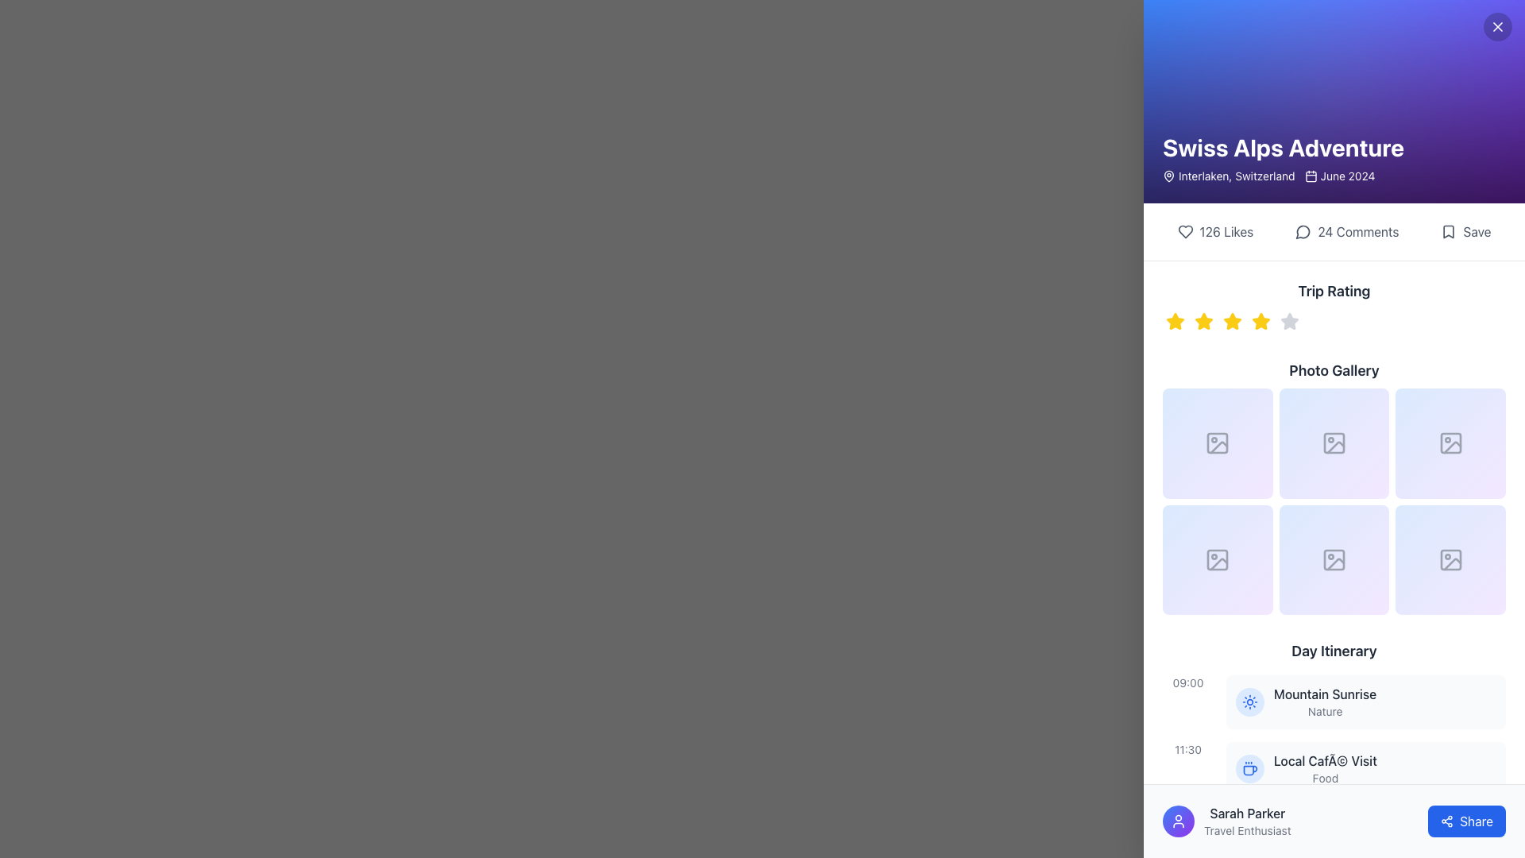 This screenshot has height=858, width=1525. I want to click on the descriptive label for the itinerary entry scheduled at 09:00, so click(1325, 701).